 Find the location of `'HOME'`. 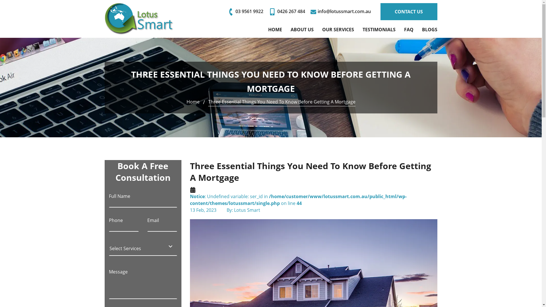

'HOME' is located at coordinates (275, 30).